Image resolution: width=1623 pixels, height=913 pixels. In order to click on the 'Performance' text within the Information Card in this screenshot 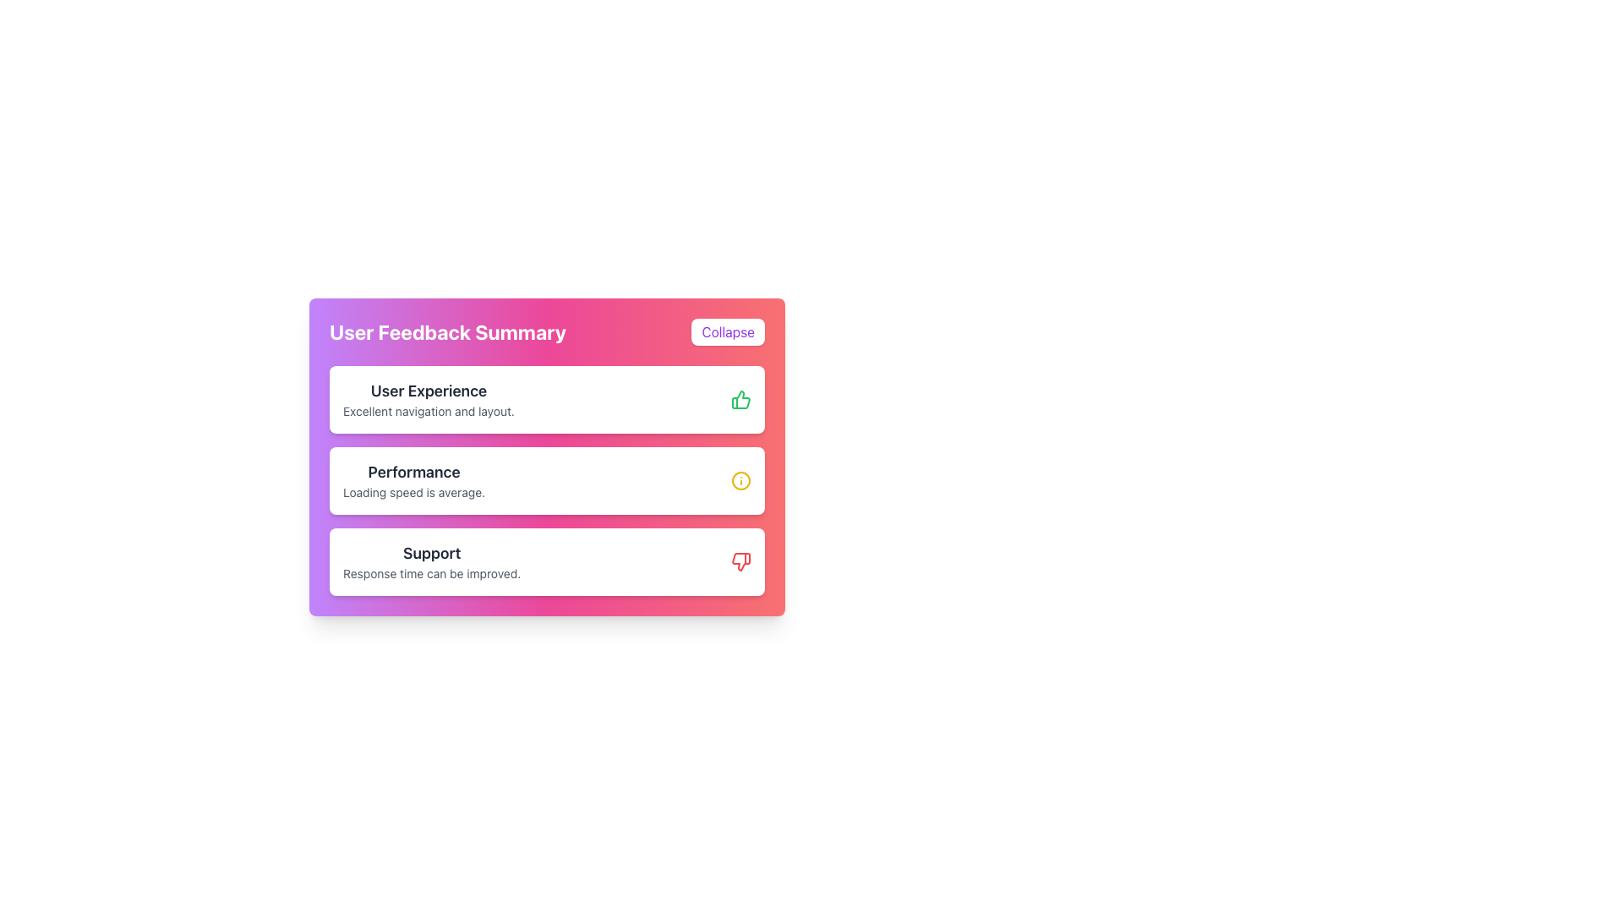, I will do `click(414, 481)`.